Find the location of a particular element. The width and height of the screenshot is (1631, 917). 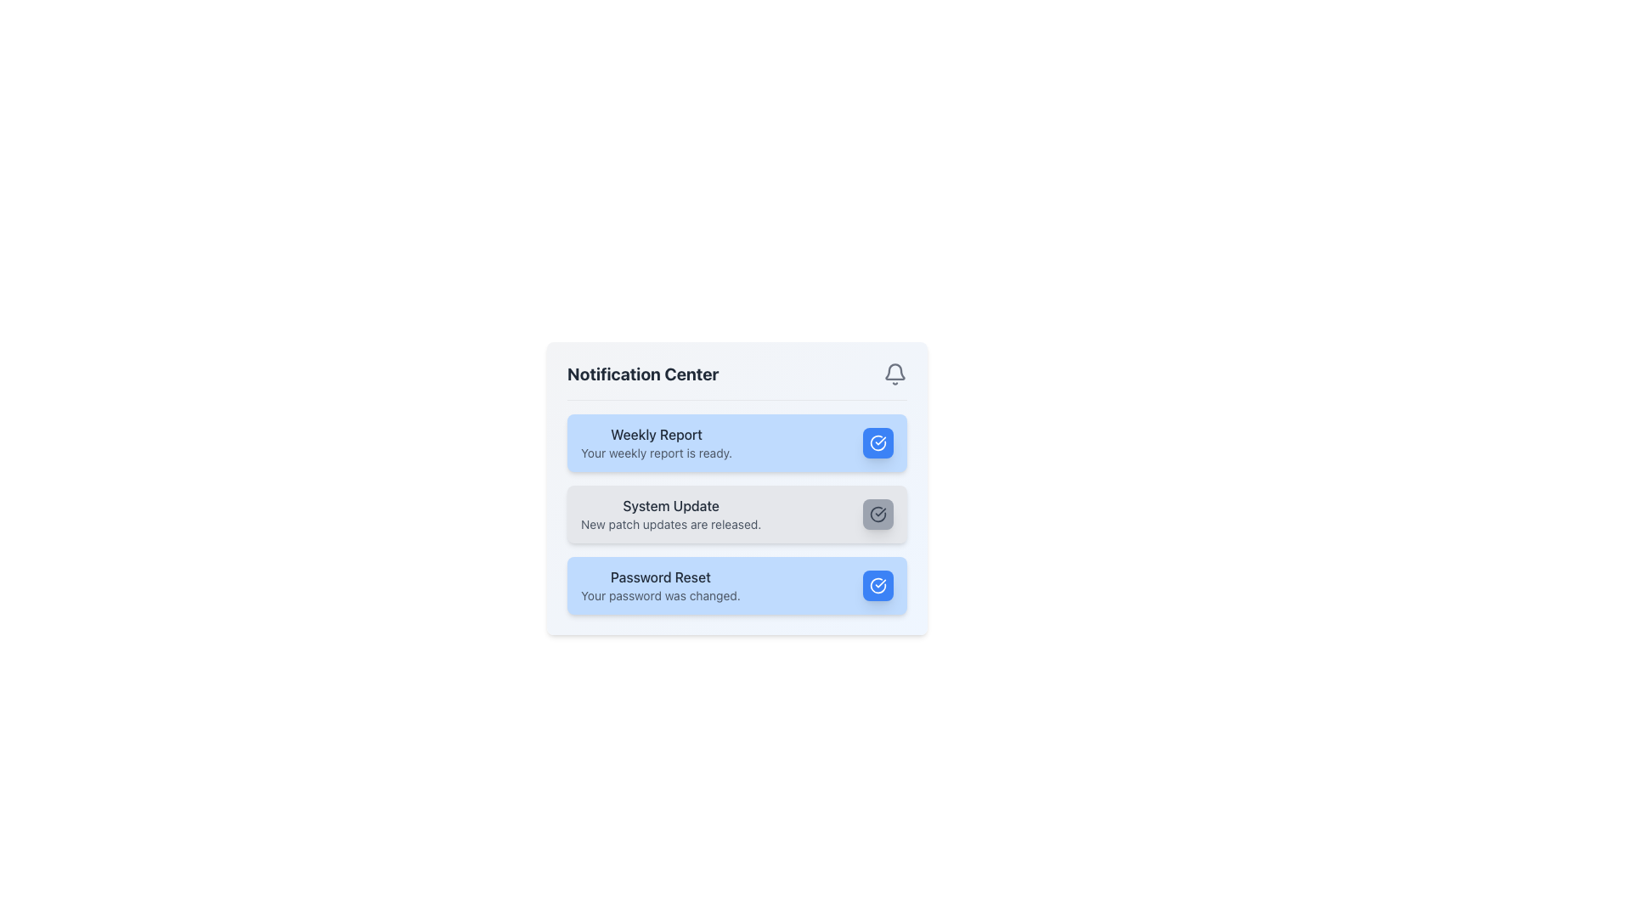

the circular SVG Icon at the far right of the blue 'Password Reset' notification box to confirm the notification is located at coordinates (878, 585).